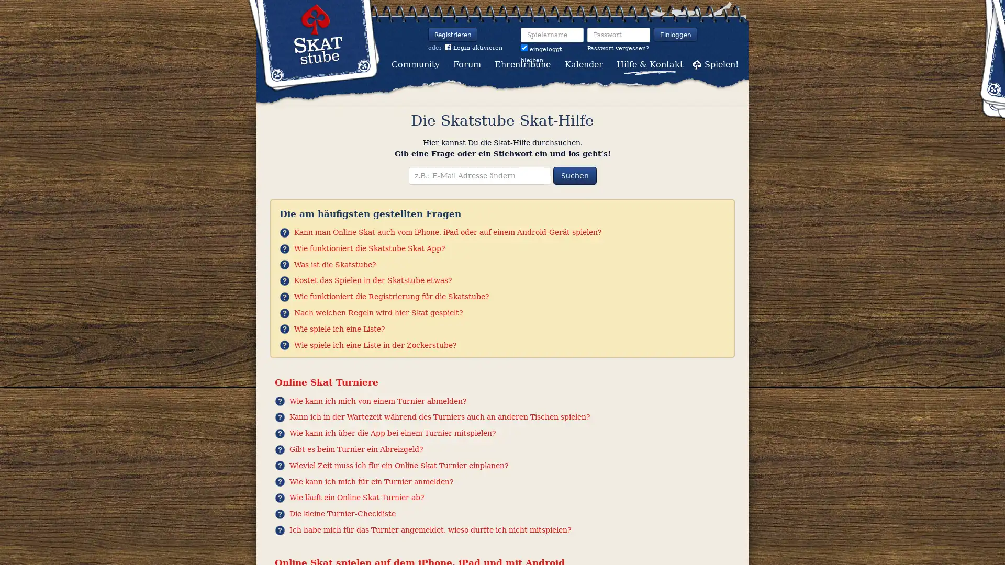 The image size is (1005, 565). What do you see at coordinates (675, 34) in the screenshot?
I see `Einloggen` at bounding box center [675, 34].